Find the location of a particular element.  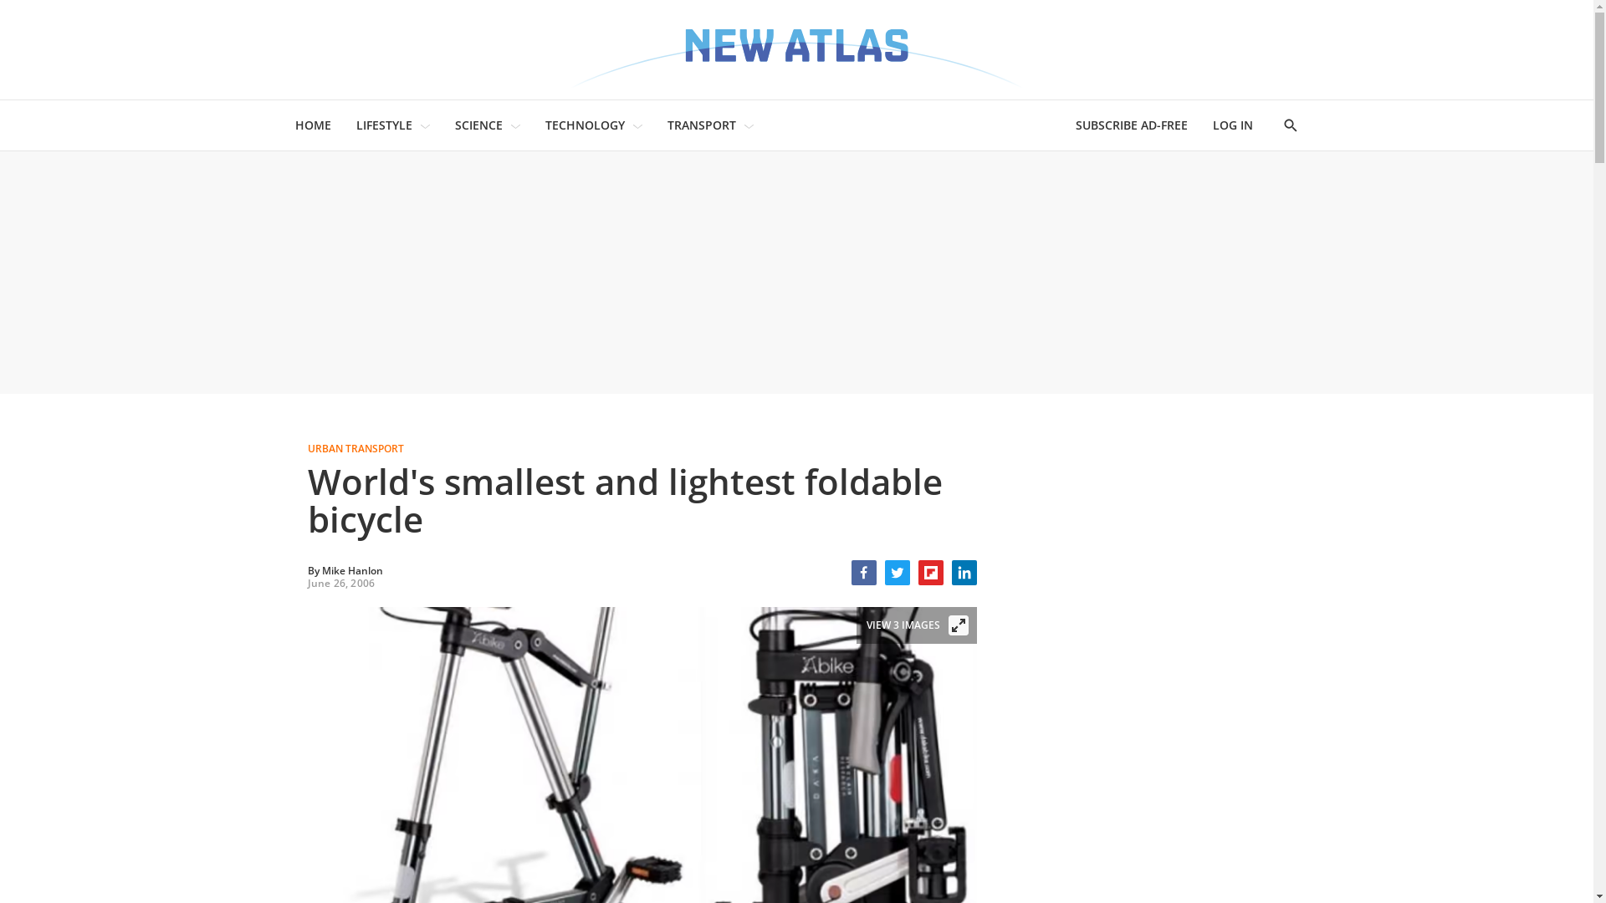

'Twitter' is located at coordinates (897, 572).